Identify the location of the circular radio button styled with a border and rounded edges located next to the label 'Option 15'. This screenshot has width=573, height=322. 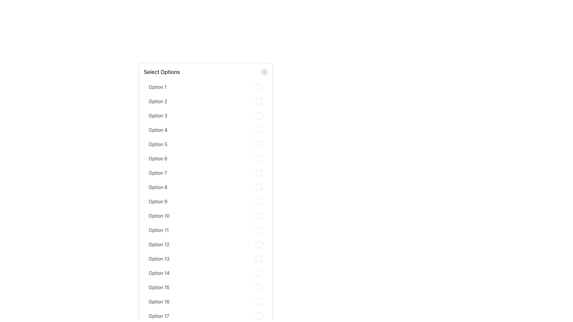
(259, 287).